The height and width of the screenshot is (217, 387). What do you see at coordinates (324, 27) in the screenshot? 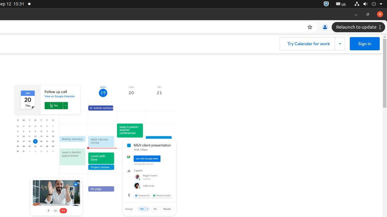
I see `'You'` at bounding box center [324, 27].